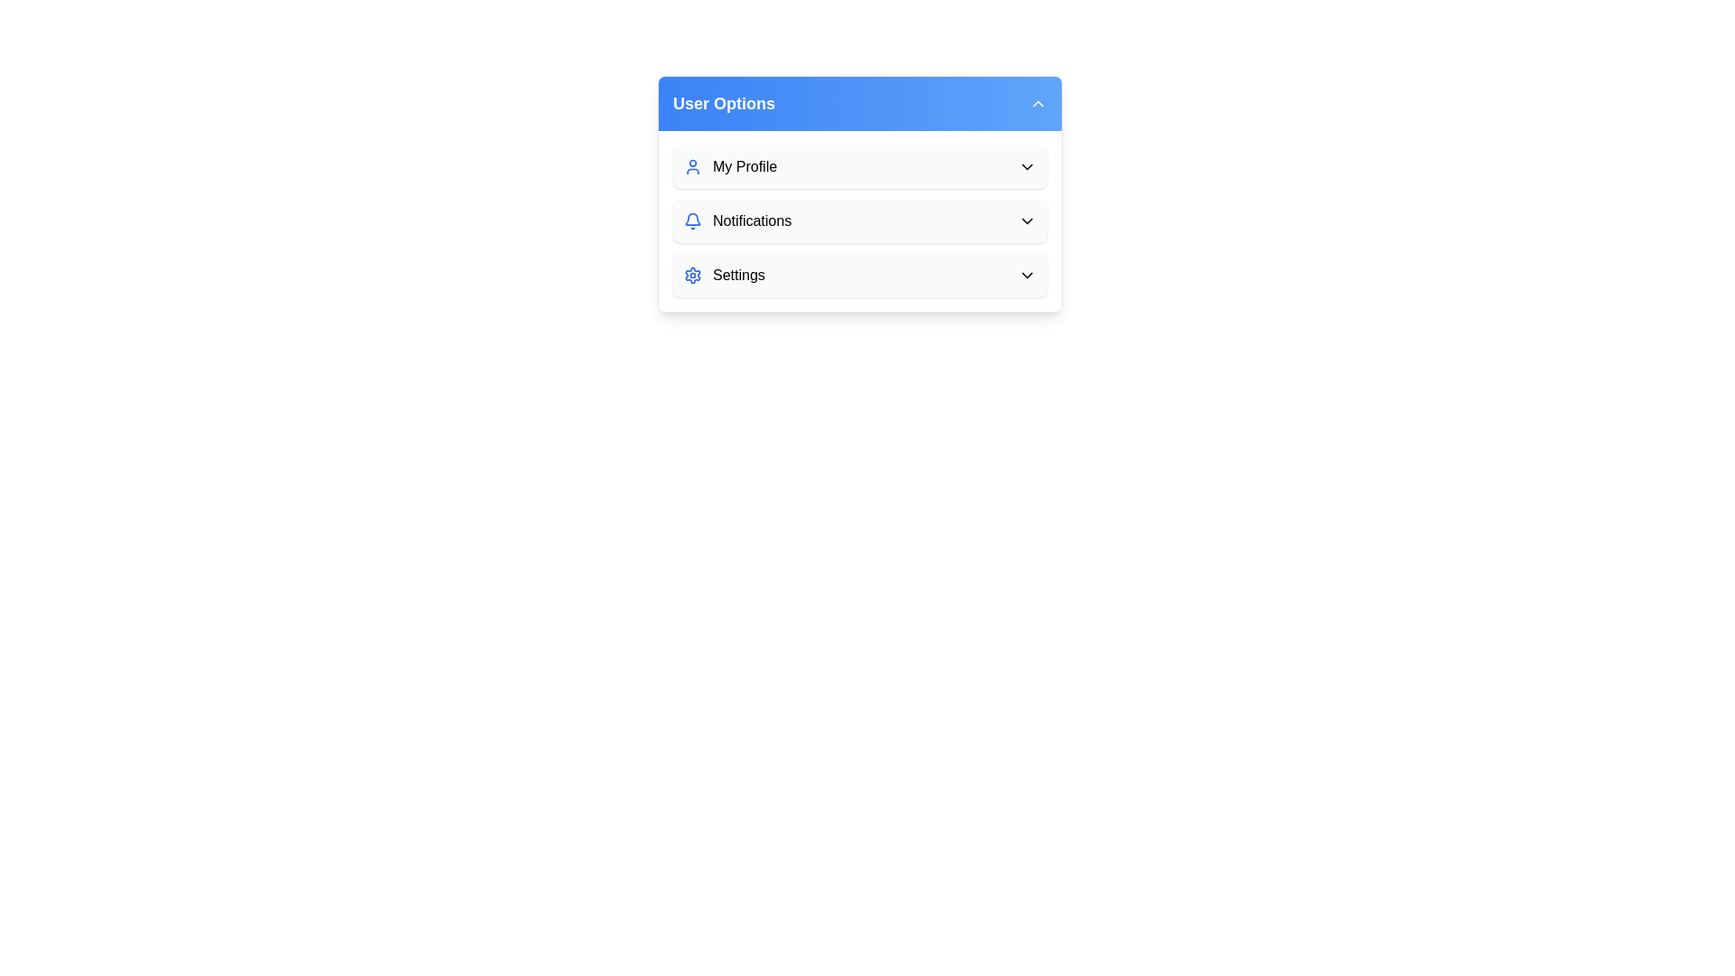 The width and height of the screenshot is (1735, 976). What do you see at coordinates (858, 194) in the screenshot?
I see `the 'User Options' dropdown menu group, focusing on the 'Notifications' option which is the center of the element` at bounding box center [858, 194].